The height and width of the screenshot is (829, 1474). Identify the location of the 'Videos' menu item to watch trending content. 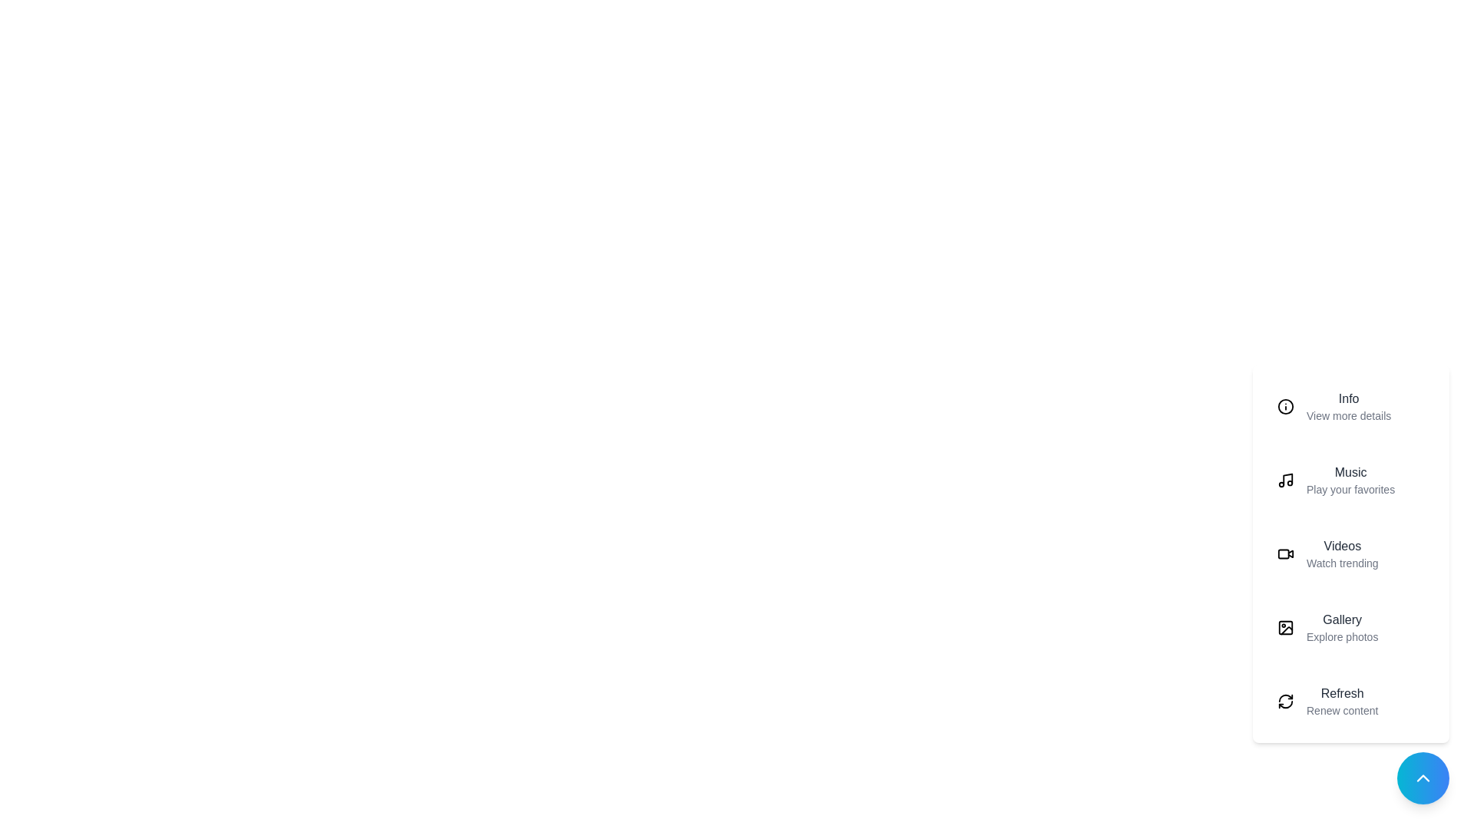
(1351, 553).